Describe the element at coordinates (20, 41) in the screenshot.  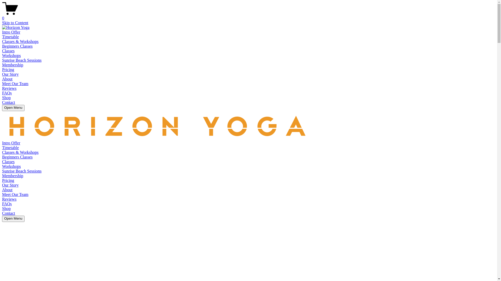
I see `'Classes & Workshops'` at that location.